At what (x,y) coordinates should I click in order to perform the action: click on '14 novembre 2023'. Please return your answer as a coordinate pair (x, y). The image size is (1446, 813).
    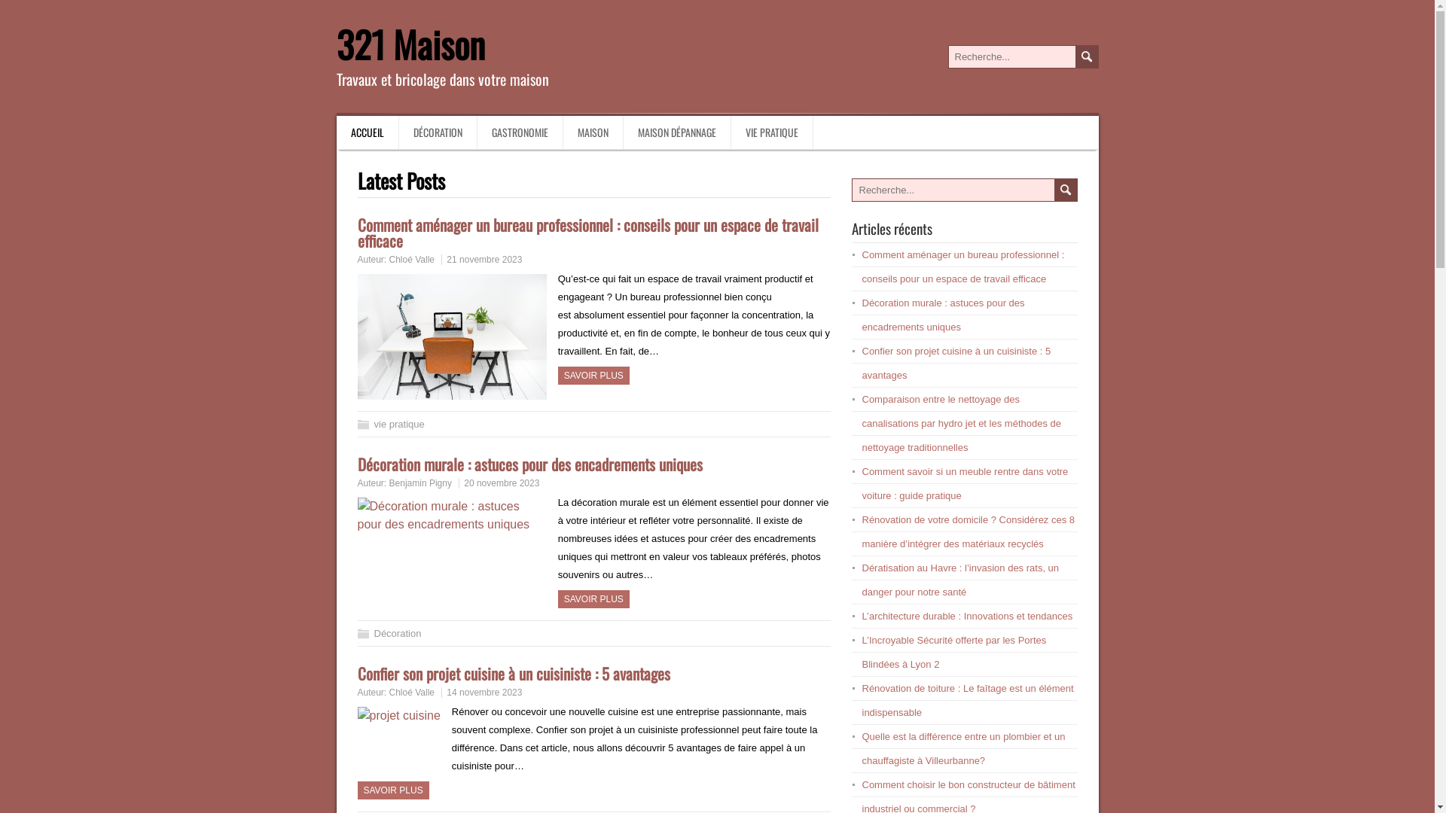
    Looking at the image, I should click on (484, 693).